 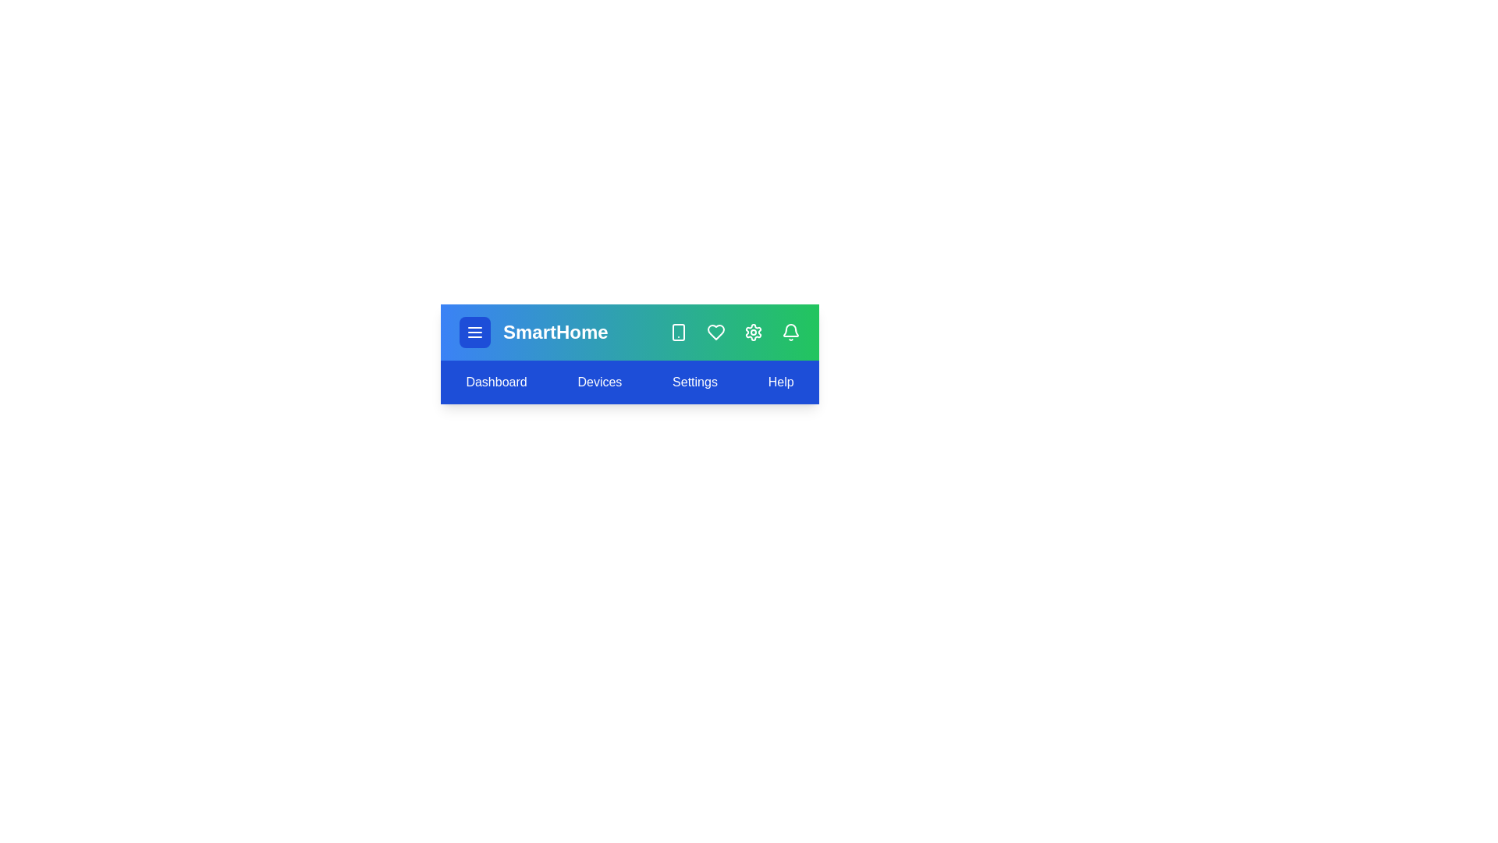 I want to click on menu toggle button to toggle the menu visibility, so click(x=474, y=331).